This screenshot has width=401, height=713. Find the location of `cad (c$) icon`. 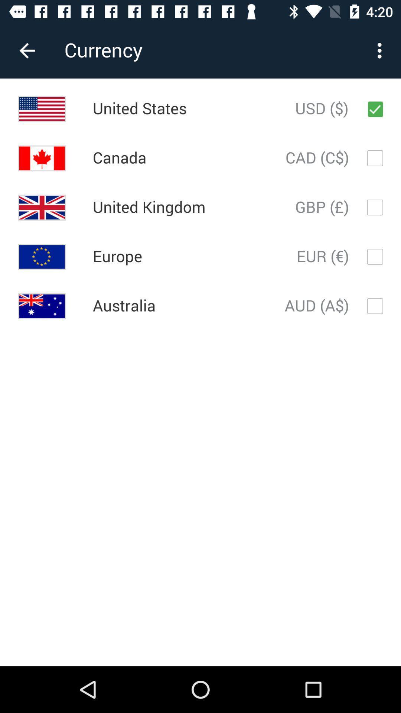

cad (c$) icon is located at coordinates (317, 158).